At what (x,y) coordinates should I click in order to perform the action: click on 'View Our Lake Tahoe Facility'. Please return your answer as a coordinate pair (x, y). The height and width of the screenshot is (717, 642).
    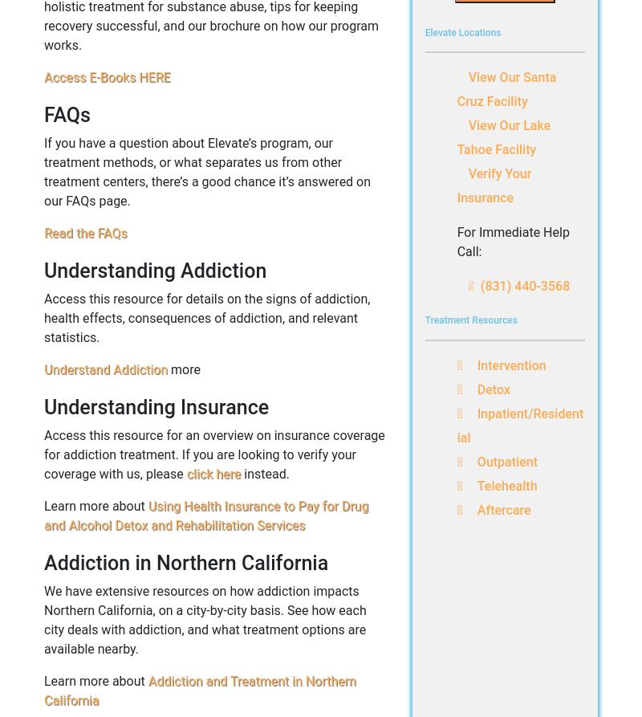
    Looking at the image, I should click on (503, 136).